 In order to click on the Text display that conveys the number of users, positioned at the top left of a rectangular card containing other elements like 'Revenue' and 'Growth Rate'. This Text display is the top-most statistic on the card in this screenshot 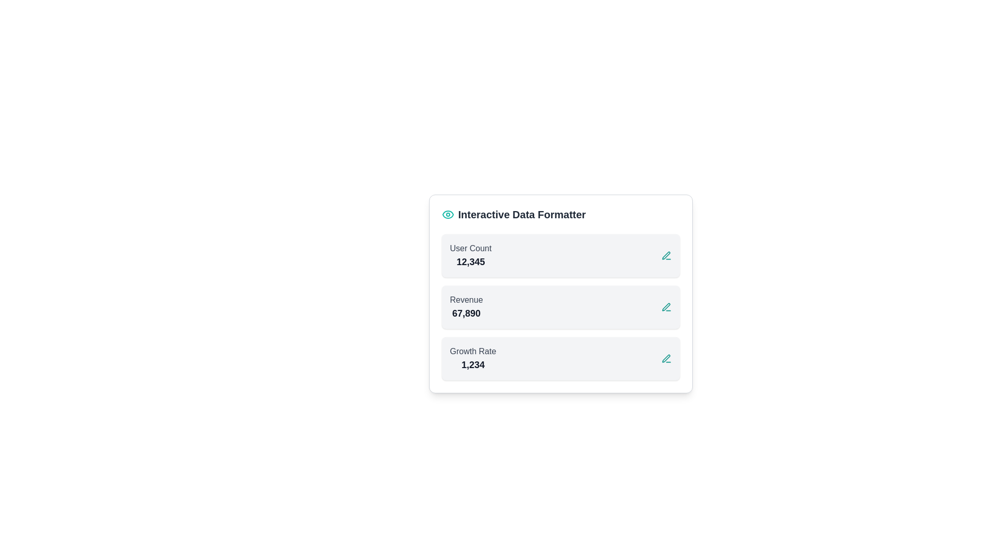, I will do `click(470, 255)`.